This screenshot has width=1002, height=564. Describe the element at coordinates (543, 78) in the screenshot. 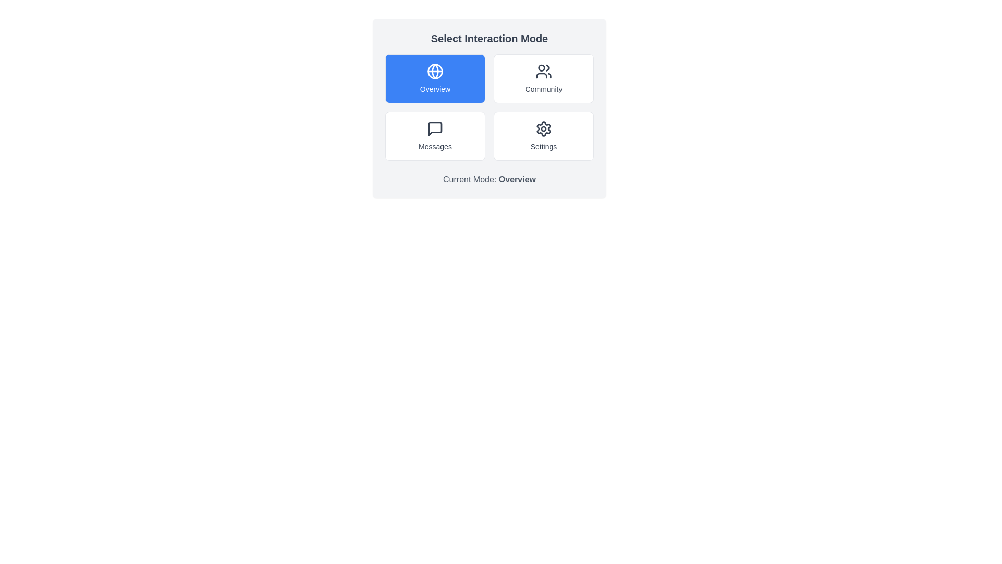

I see `the Community button to observe the hover effect` at that location.